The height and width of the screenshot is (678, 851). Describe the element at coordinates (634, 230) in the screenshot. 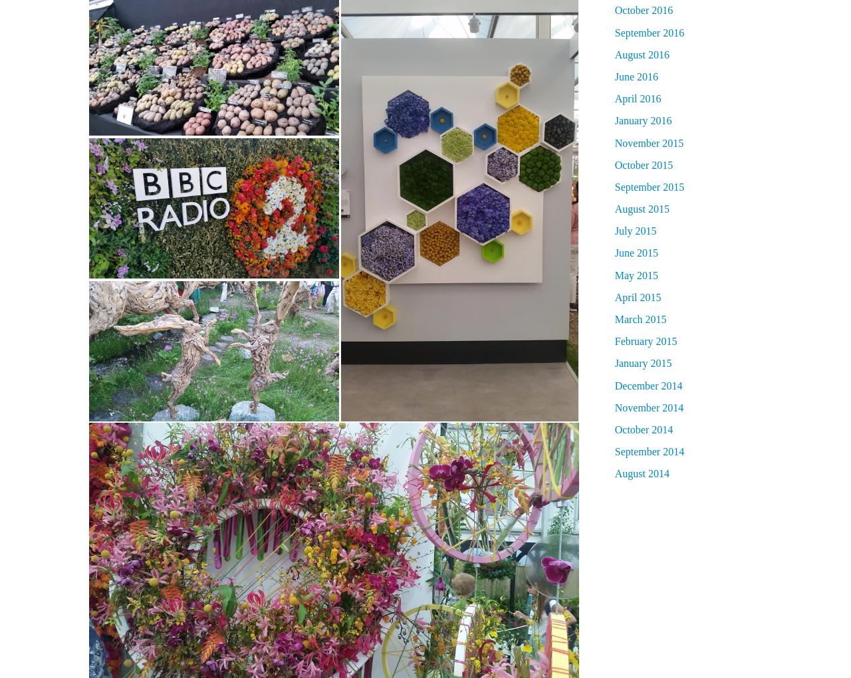

I see `'July 2015'` at that location.